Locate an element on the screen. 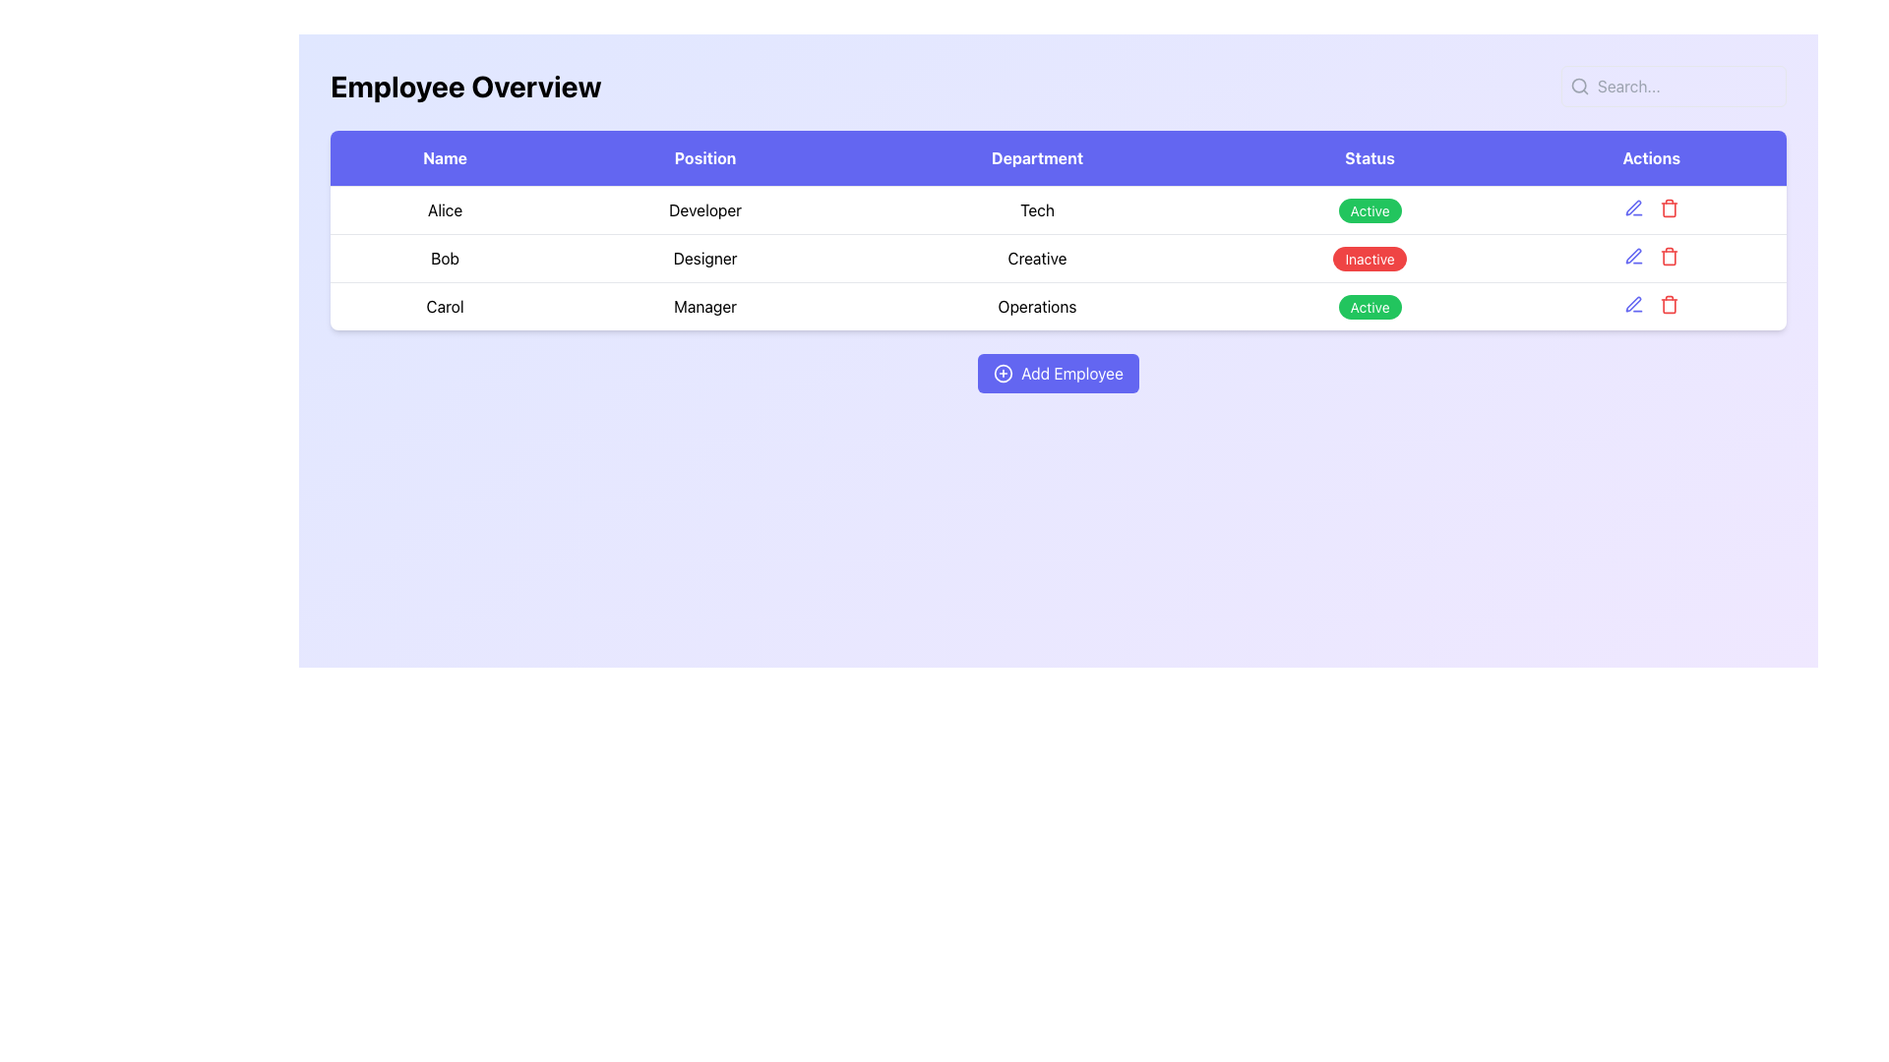 The width and height of the screenshot is (1889, 1062). the search input field located in the top-right corner of the 'Employee Overview' section is located at coordinates (1673, 86).